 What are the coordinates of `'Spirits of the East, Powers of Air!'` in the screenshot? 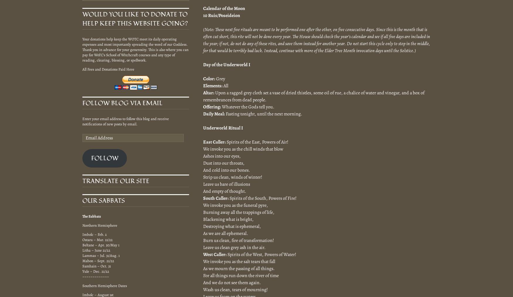 It's located at (256, 141).